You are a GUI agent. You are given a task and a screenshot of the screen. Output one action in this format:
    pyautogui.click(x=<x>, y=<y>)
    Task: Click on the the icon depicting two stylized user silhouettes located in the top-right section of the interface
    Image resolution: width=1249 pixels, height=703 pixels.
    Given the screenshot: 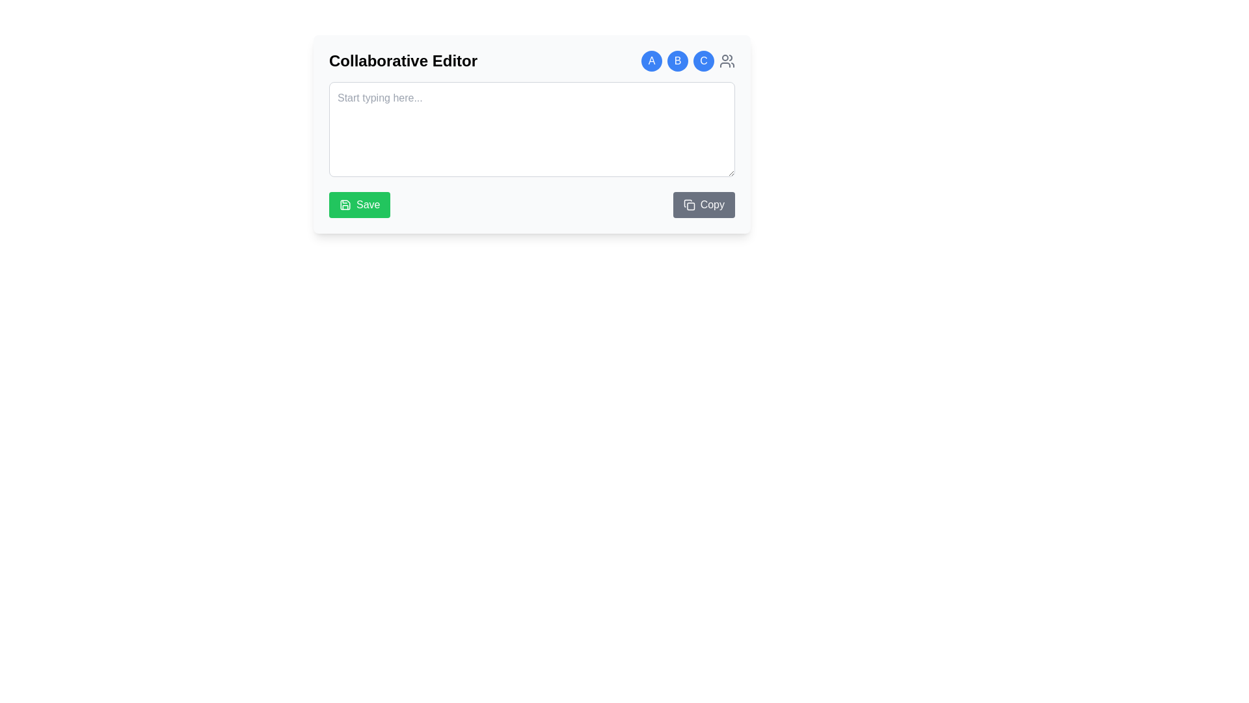 What is the action you would take?
    pyautogui.click(x=727, y=61)
    